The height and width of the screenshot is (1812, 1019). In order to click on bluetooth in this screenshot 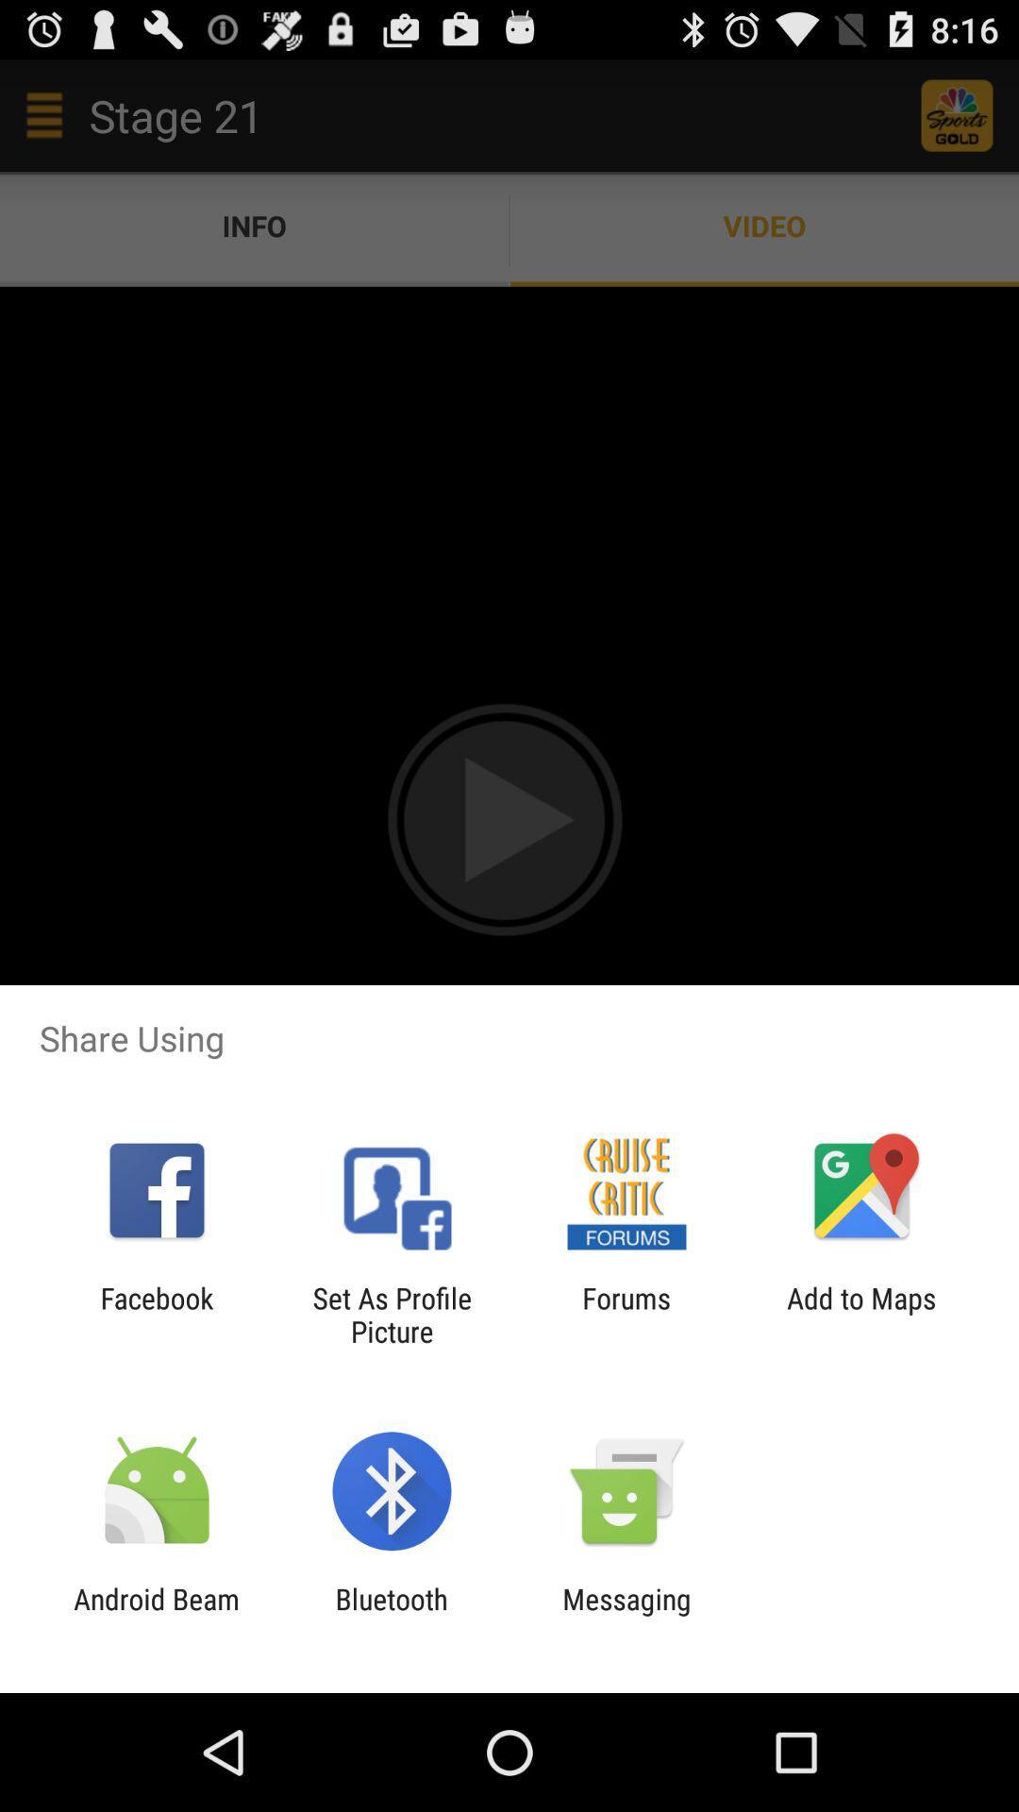, I will do `click(391, 1615)`.